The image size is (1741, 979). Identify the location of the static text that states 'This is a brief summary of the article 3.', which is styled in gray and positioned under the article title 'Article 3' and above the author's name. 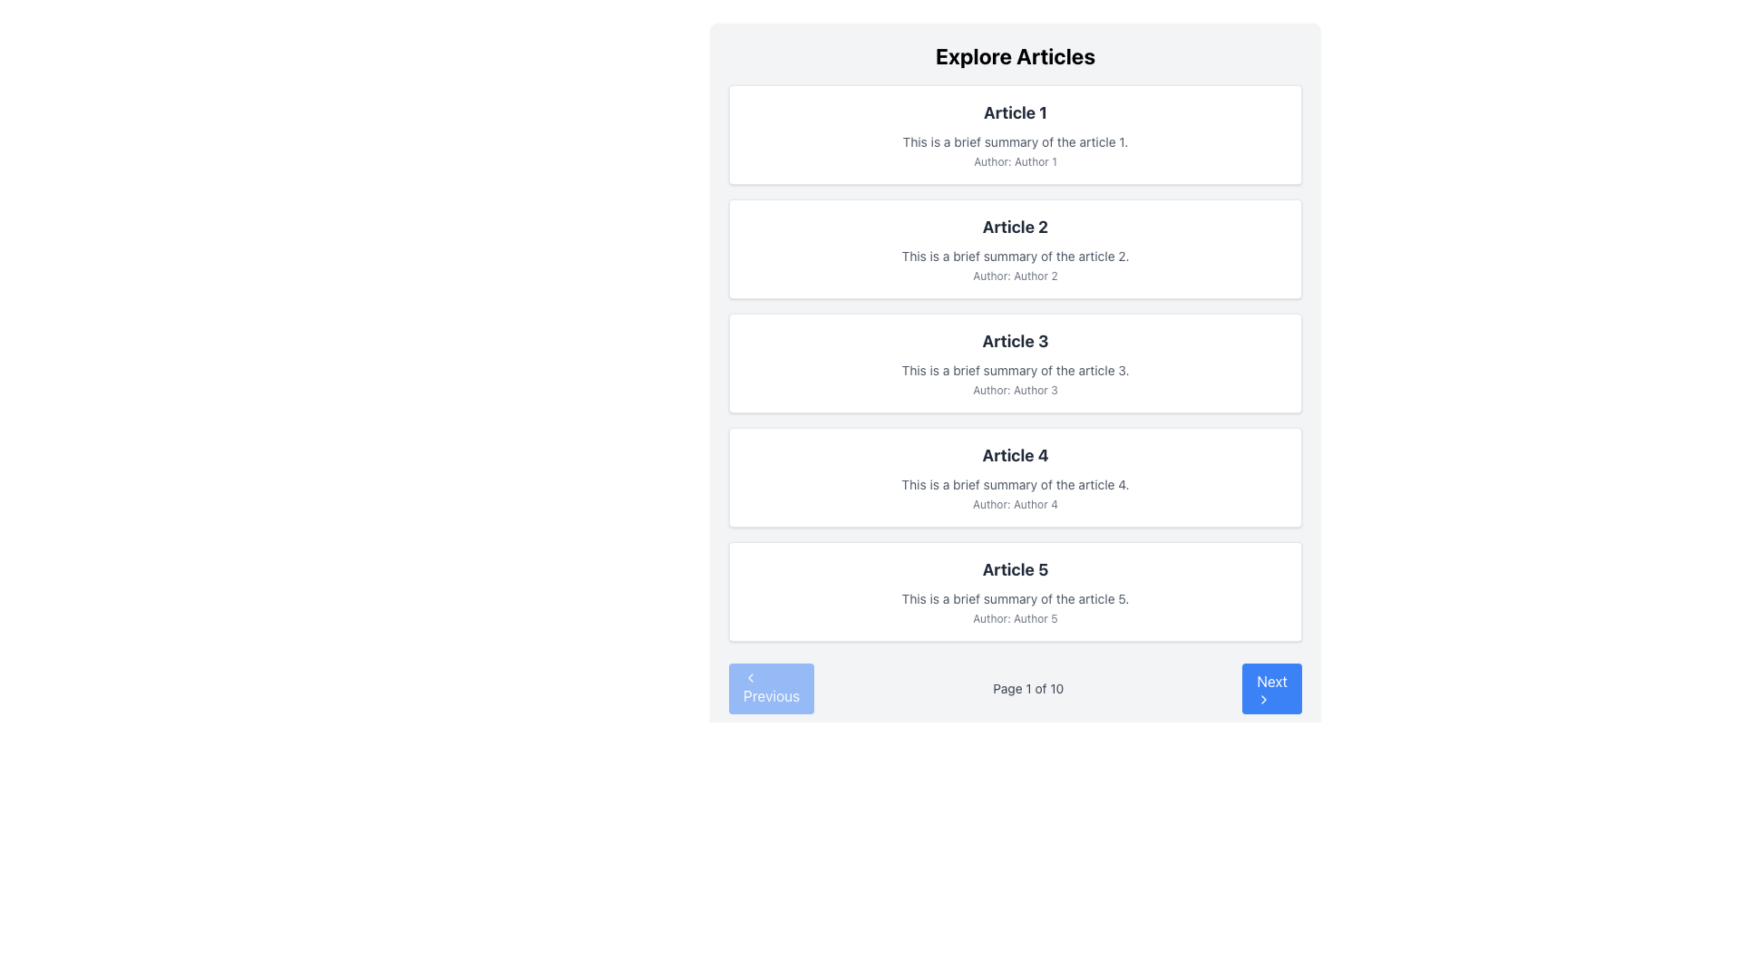
(1014, 369).